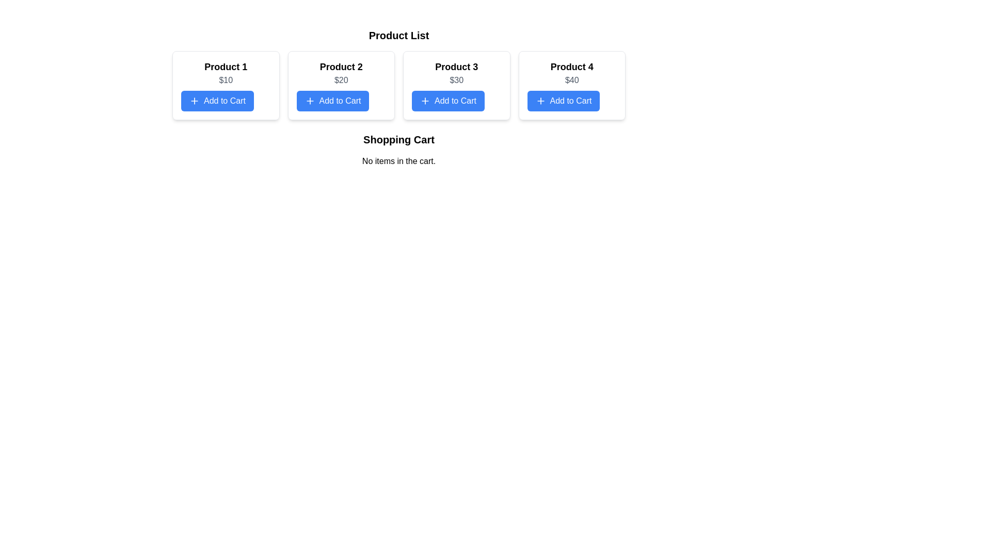 The width and height of the screenshot is (991, 557). Describe the element at coordinates (425, 101) in the screenshot. I see `the 'Add to Cart' button for 'Product 3' to provide additional visual feedback, identified by the icon representing the 'Add' action located to the left of the button text` at that location.